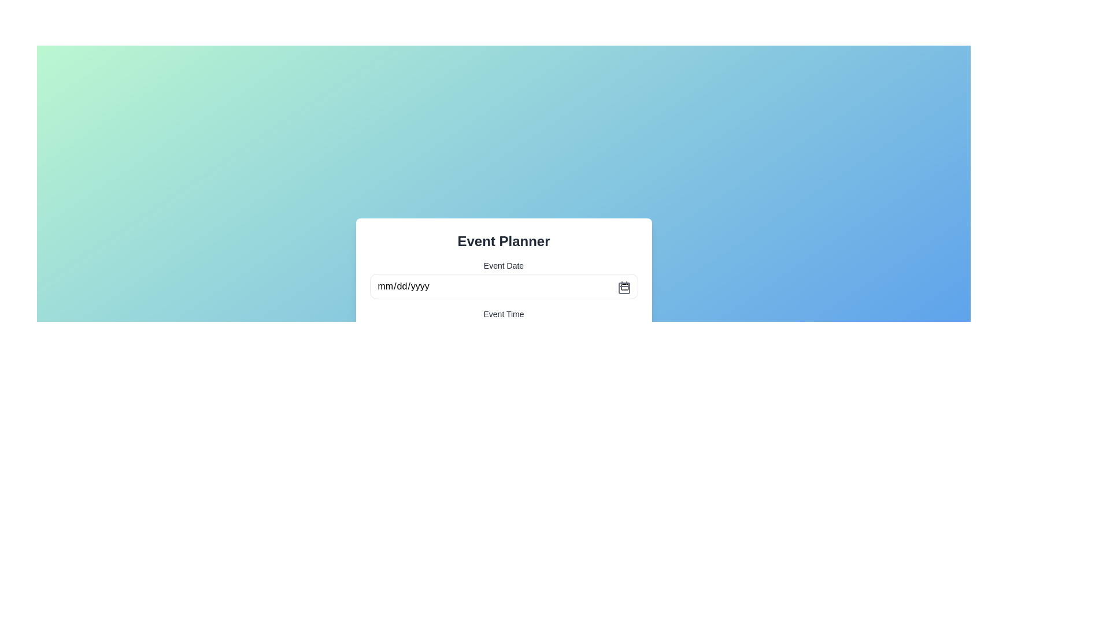 This screenshot has width=1110, height=624. What do you see at coordinates (504, 314) in the screenshot?
I see `the static text label that provides a description or title for the section below the 'Event Date' label` at bounding box center [504, 314].